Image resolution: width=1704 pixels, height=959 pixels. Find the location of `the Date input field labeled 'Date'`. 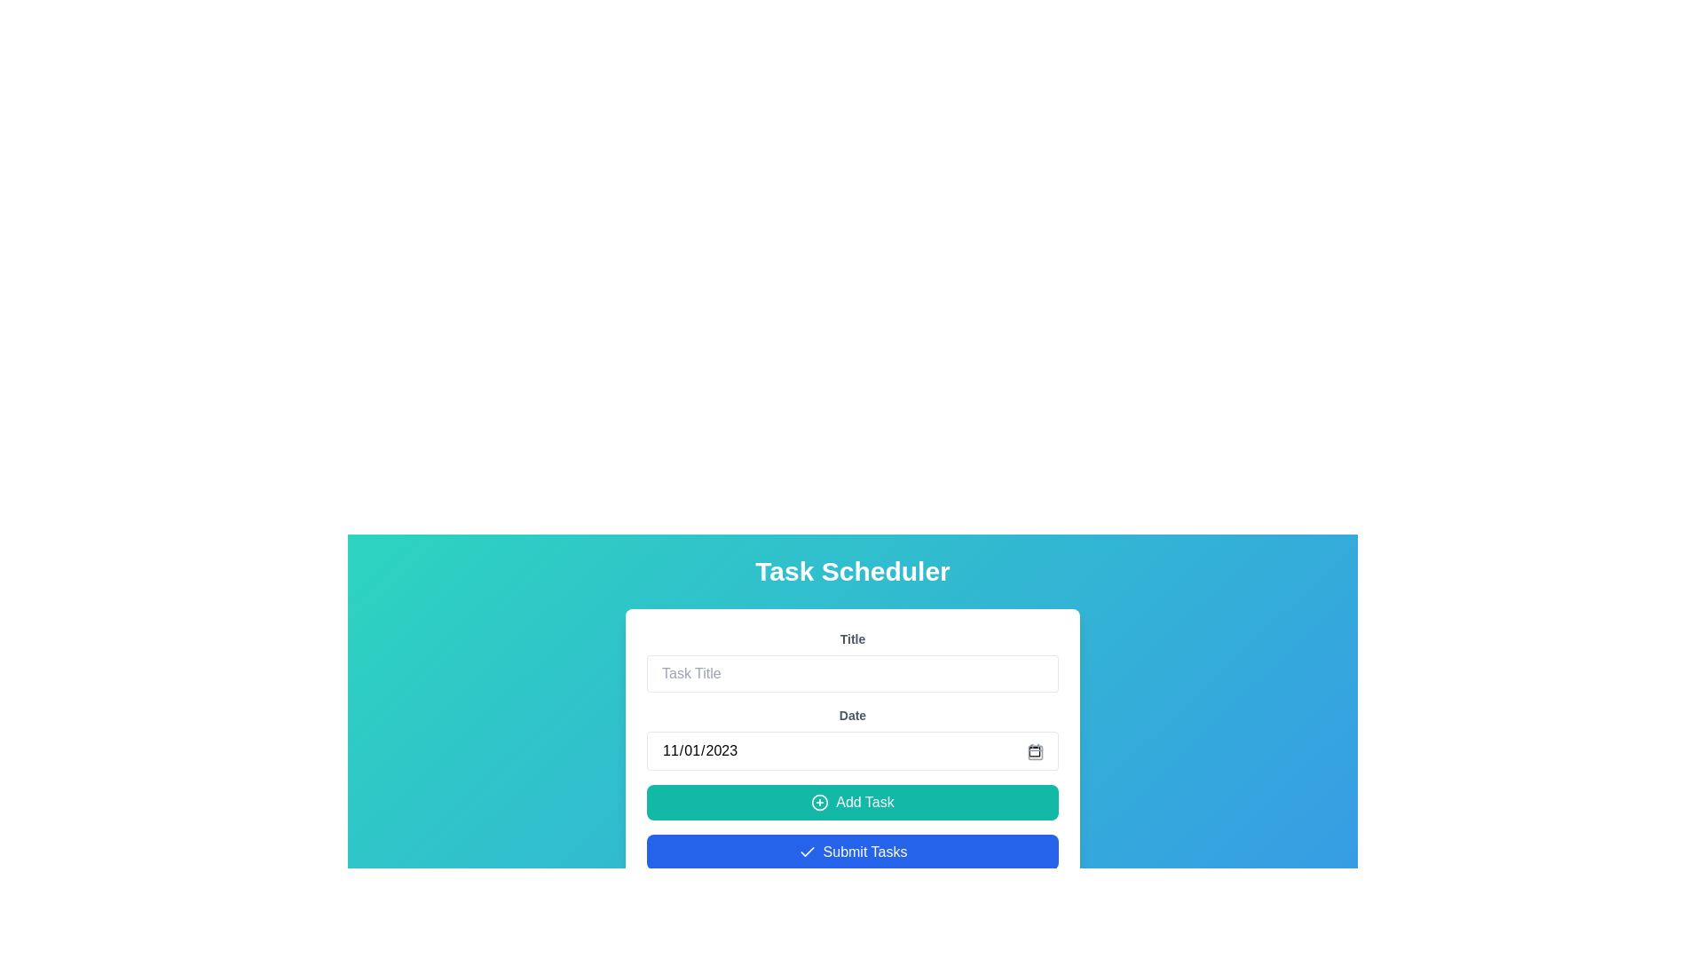

the Date input field labeled 'Date' is located at coordinates (852, 739).